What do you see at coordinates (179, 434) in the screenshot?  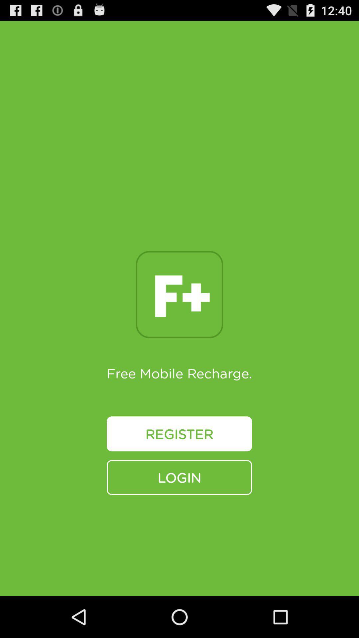 I see `the icon below free mobile recharge. icon` at bounding box center [179, 434].